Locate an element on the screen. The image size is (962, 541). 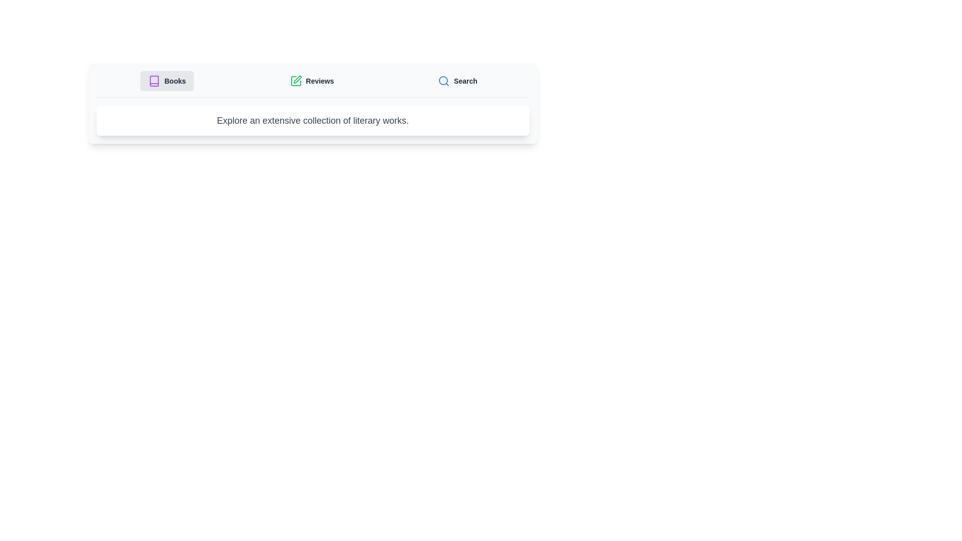
the Reviews tab by clicking on its button is located at coordinates (311, 81).